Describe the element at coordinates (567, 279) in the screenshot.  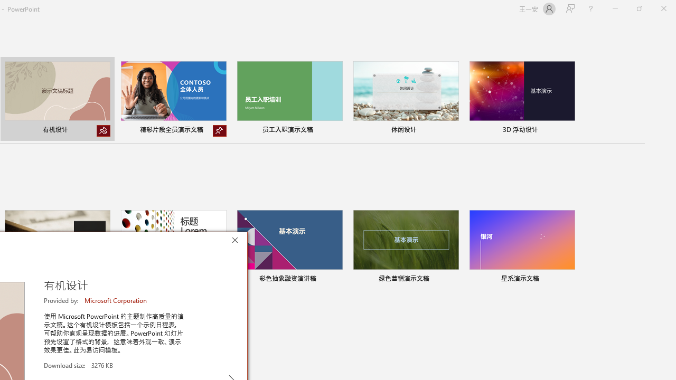
I see `'Pin to list'` at that location.